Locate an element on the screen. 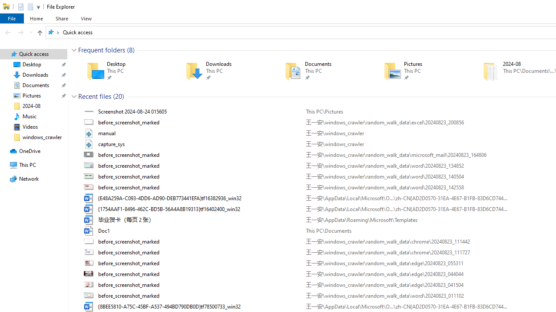 This screenshot has width=556, height=312. 'Up band toolbar' is located at coordinates (39, 33).